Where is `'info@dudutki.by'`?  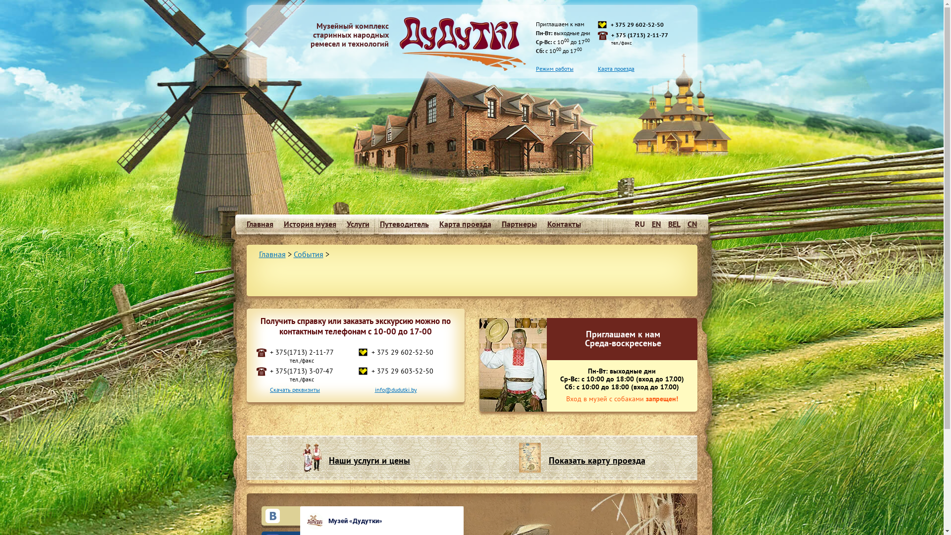 'info@dudutki.by' is located at coordinates (395, 389).